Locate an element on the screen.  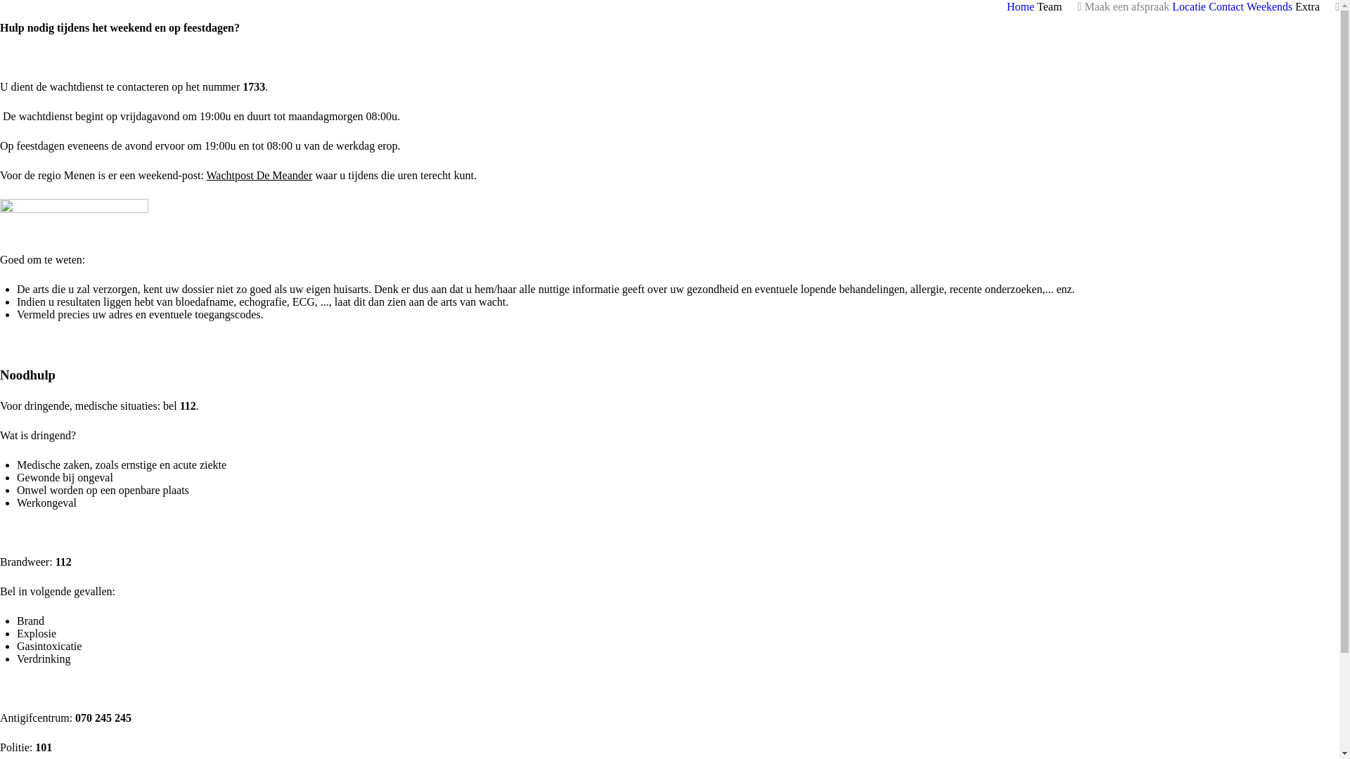
'Home' is located at coordinates (1020, 6).